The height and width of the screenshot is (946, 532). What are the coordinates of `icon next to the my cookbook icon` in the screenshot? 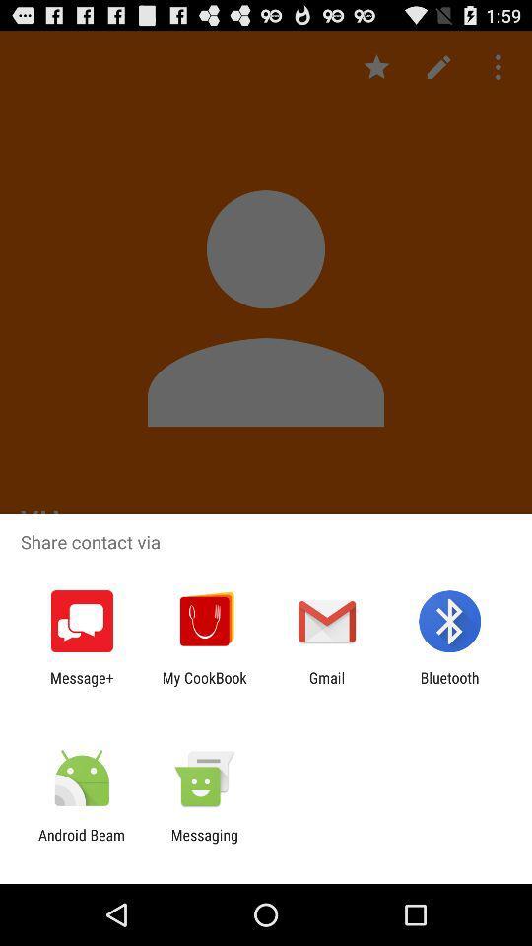 It's located at (81, 686).